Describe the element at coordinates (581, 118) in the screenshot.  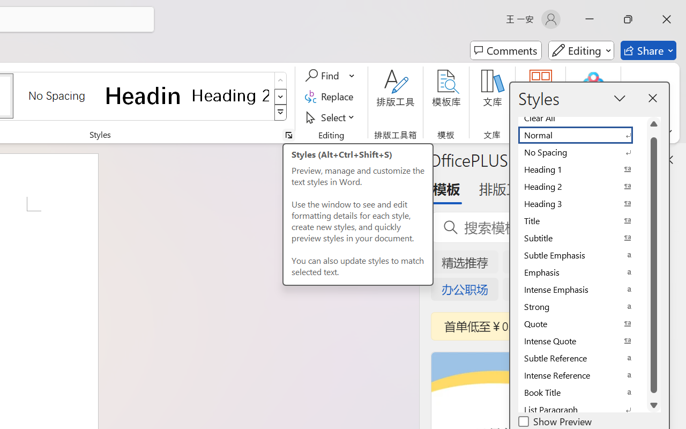
I see `'Clear All'` at that location.